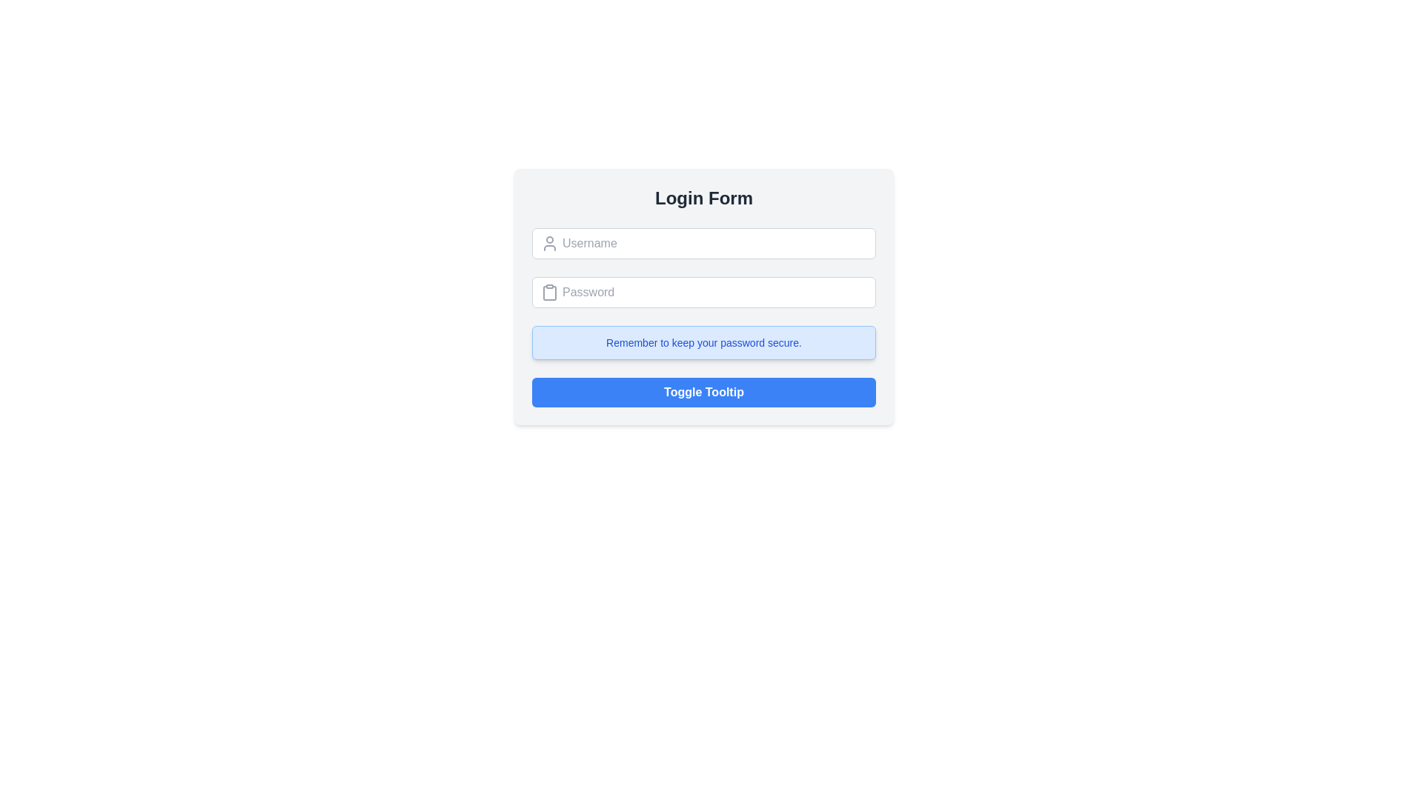 Image resolution: width=1423 pixels, height=800 pixels. I want to click on the username input field located below the title 'Login Form' for feedback, so click(703, 242).